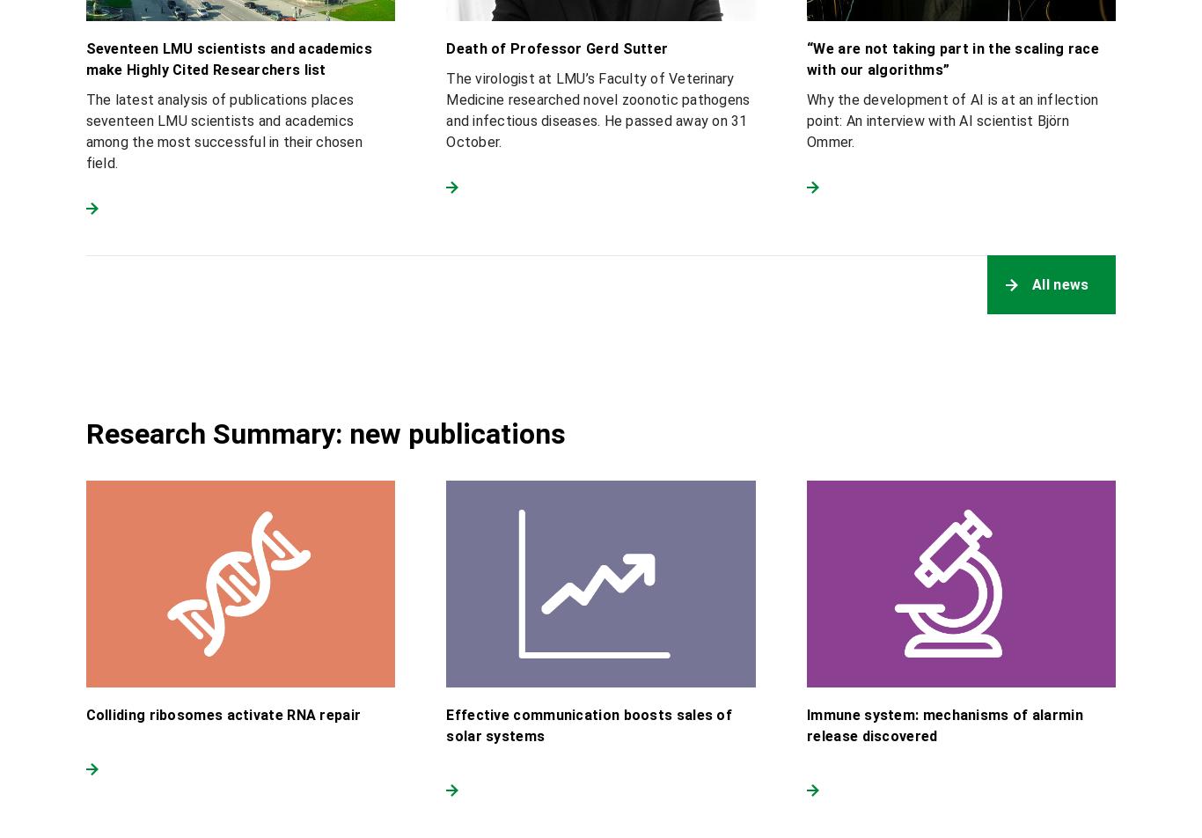  Describe the element at coordinates (84, 58) in the screenshot. I see `'Seventeen LMU scientists and academics make Highly Cited Researchers list'` at that location.